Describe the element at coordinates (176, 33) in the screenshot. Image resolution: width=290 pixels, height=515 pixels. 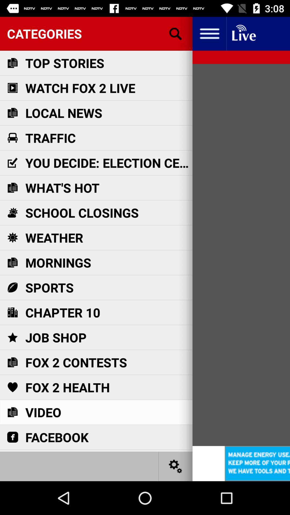
I see `search option` at that location.